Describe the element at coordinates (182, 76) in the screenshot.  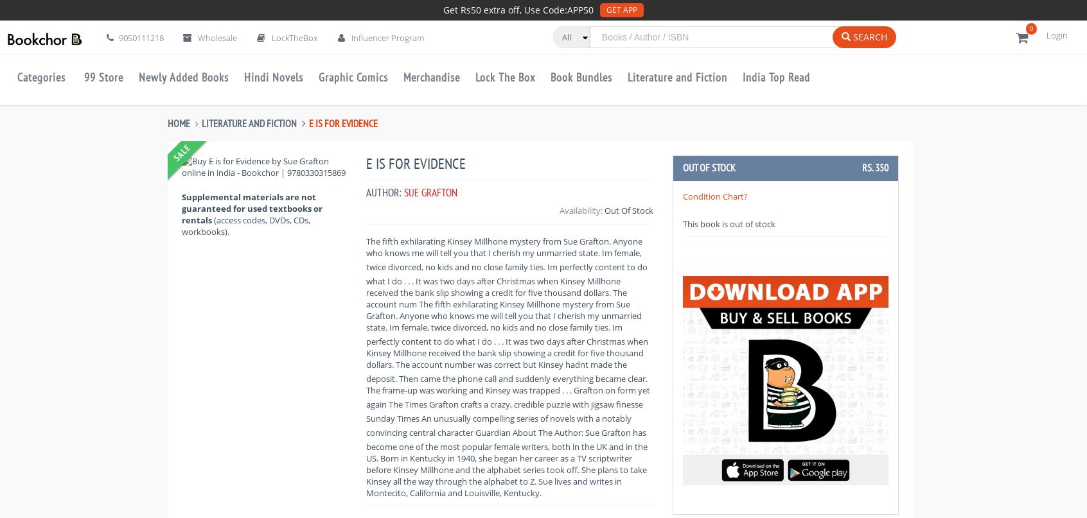
I see `'Newly Added Books'` at that location.